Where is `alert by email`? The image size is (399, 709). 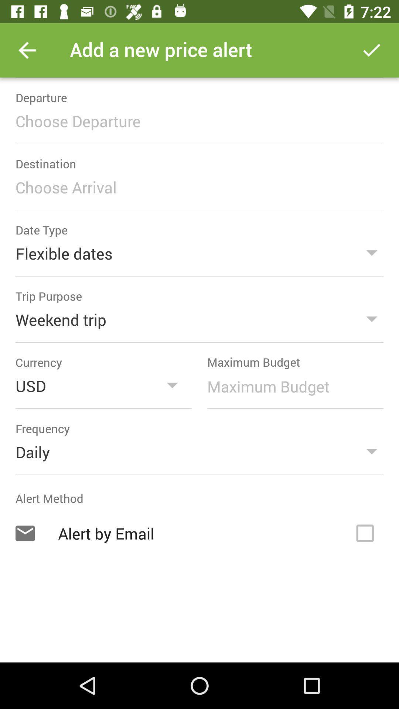
alert by email is located at coordinates (365, 533).